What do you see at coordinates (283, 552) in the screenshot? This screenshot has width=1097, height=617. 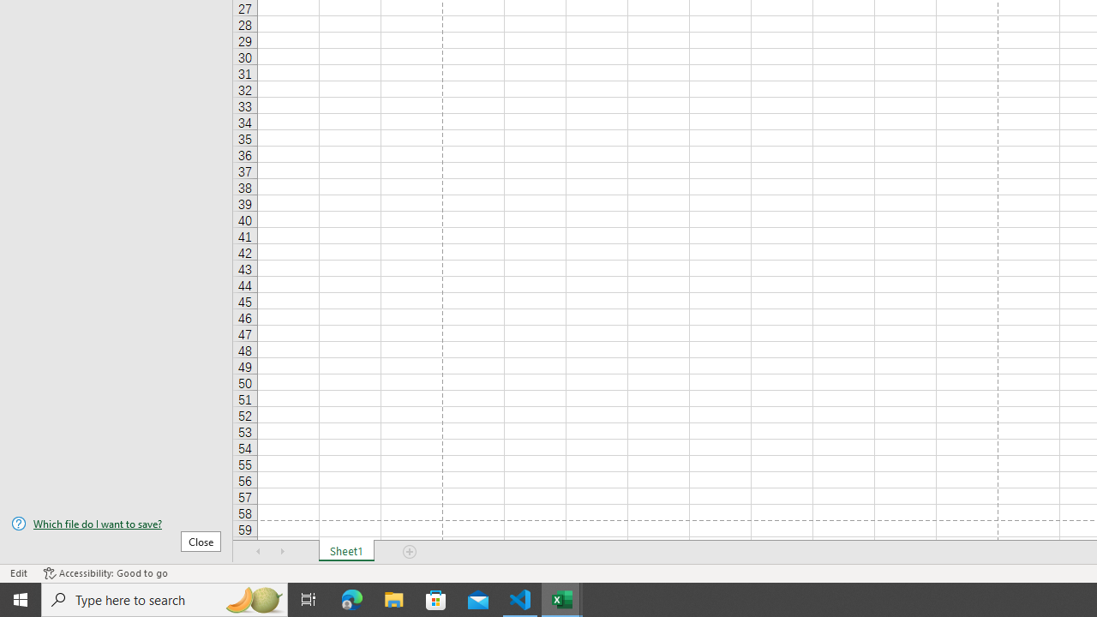 I see `'Scroll Right'` at bounding box center [283, 552].